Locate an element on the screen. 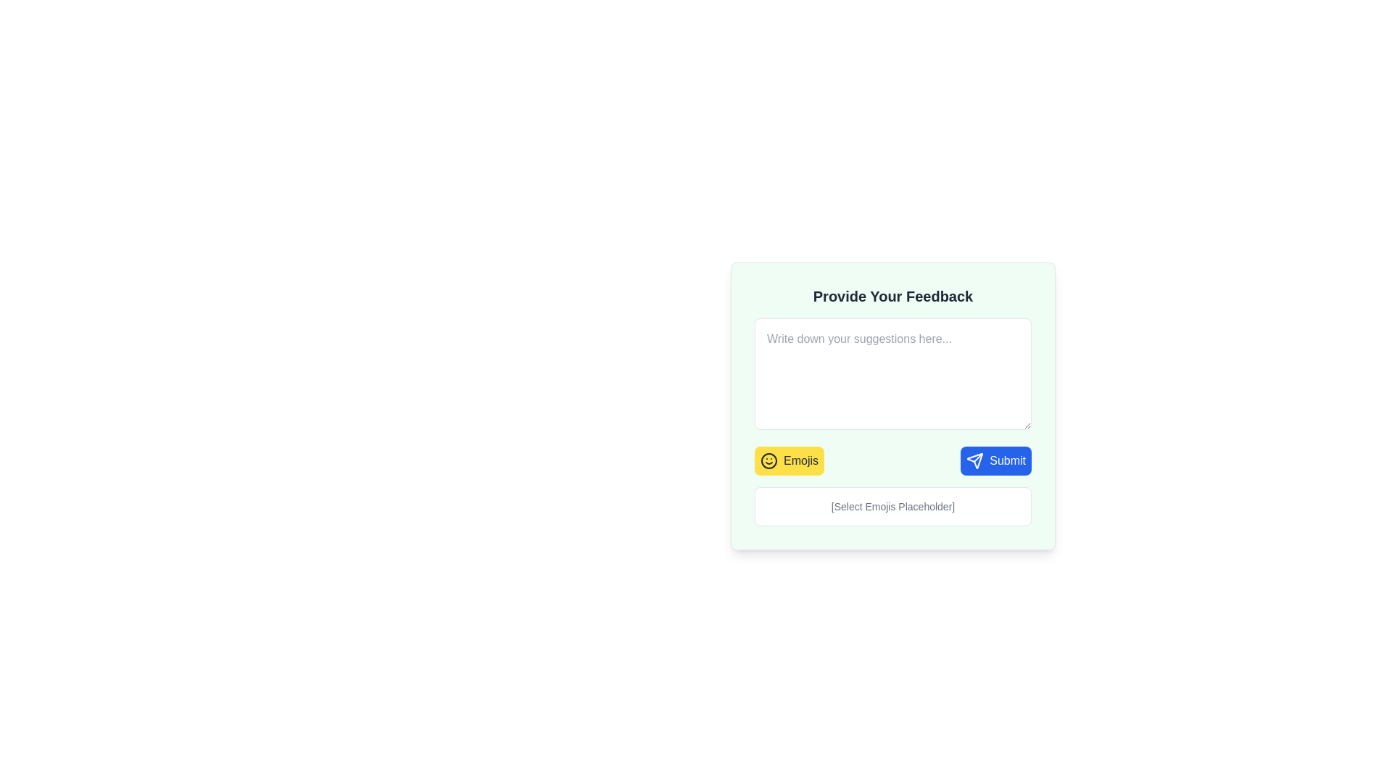  the icon that symbolizes the action of submitting the feedback form, located inside the blue 'Submit' button at the bottom right corner of the widget is located at coordinates (975, 461).